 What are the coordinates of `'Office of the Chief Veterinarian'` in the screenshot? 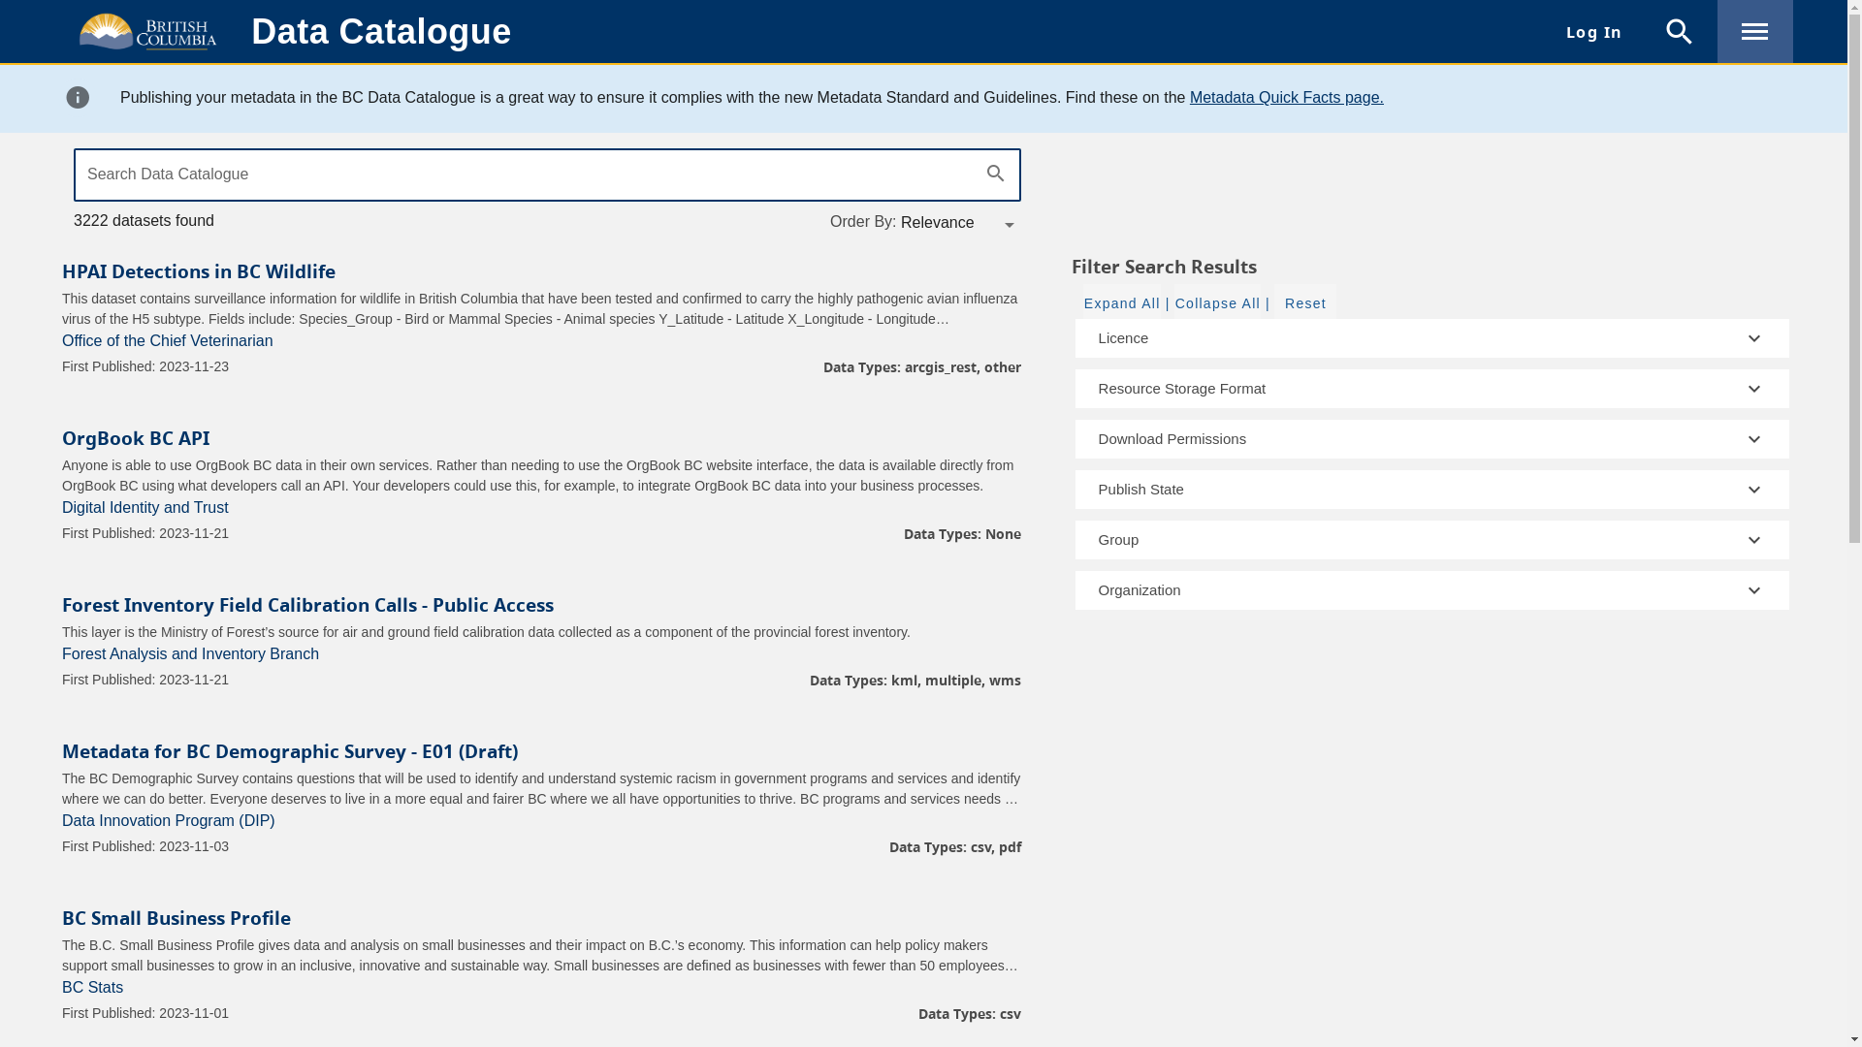 It's located at (167, 339).